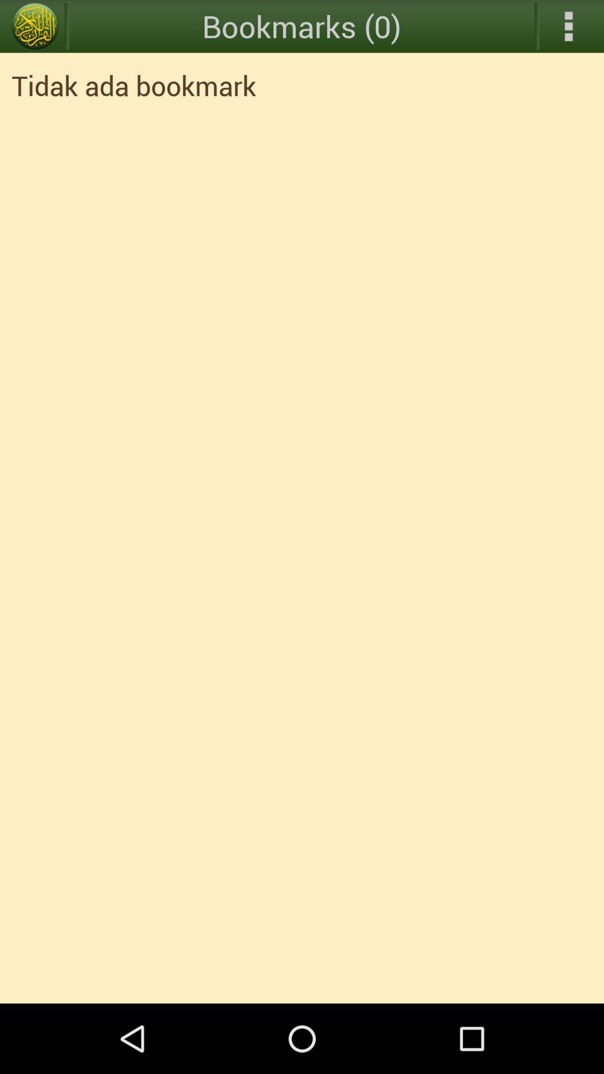 This screenshot has height=1074, width=604. Describe the element at coordinates (569, 28) in the screenshot. I see `the more icon` at that location.